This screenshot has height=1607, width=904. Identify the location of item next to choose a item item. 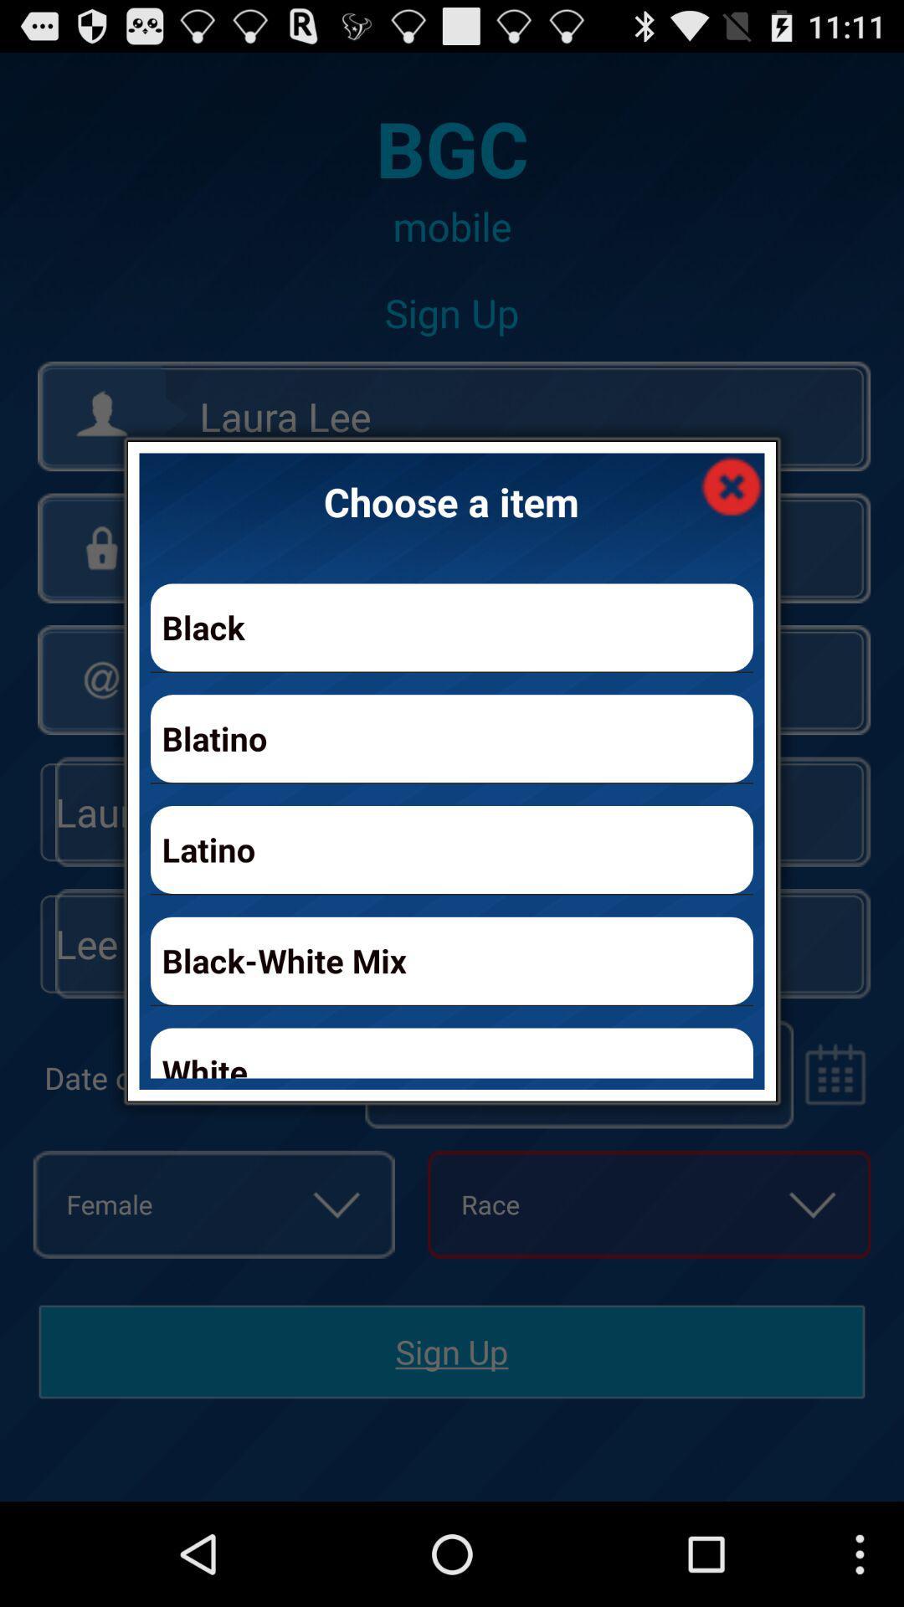
(731, 485).